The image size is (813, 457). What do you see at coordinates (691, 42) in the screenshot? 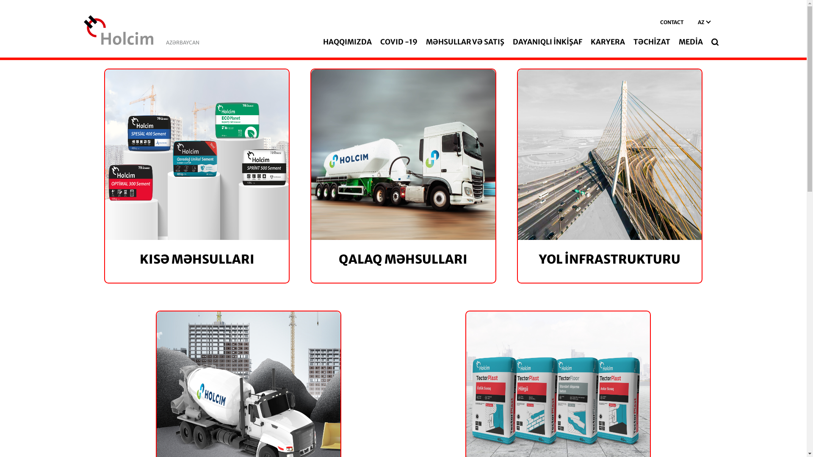
I see `'MEDIA'` at bounding box center [691, 42].